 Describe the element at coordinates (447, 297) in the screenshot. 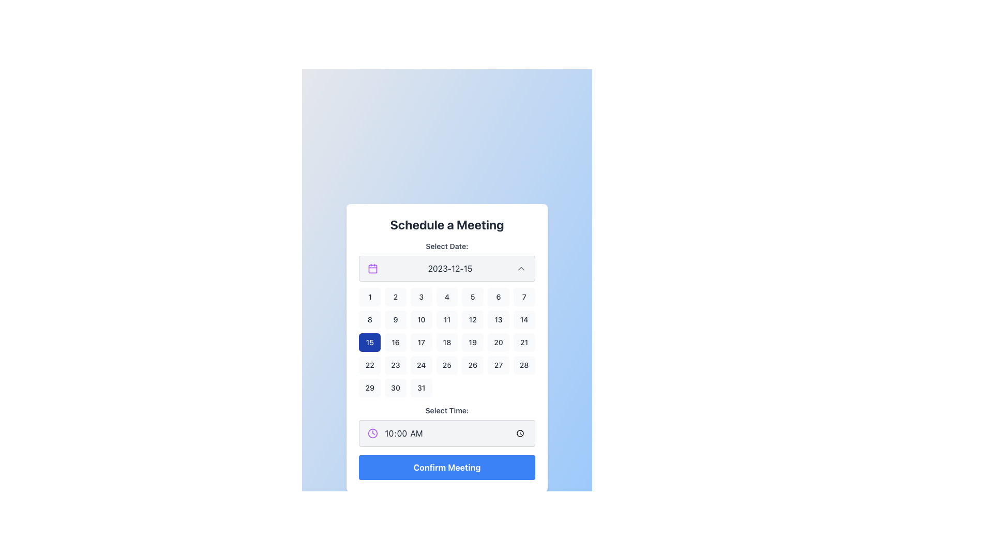

I see `the rounded rectangular button with a light gray background and centered black text '4'` at that location.